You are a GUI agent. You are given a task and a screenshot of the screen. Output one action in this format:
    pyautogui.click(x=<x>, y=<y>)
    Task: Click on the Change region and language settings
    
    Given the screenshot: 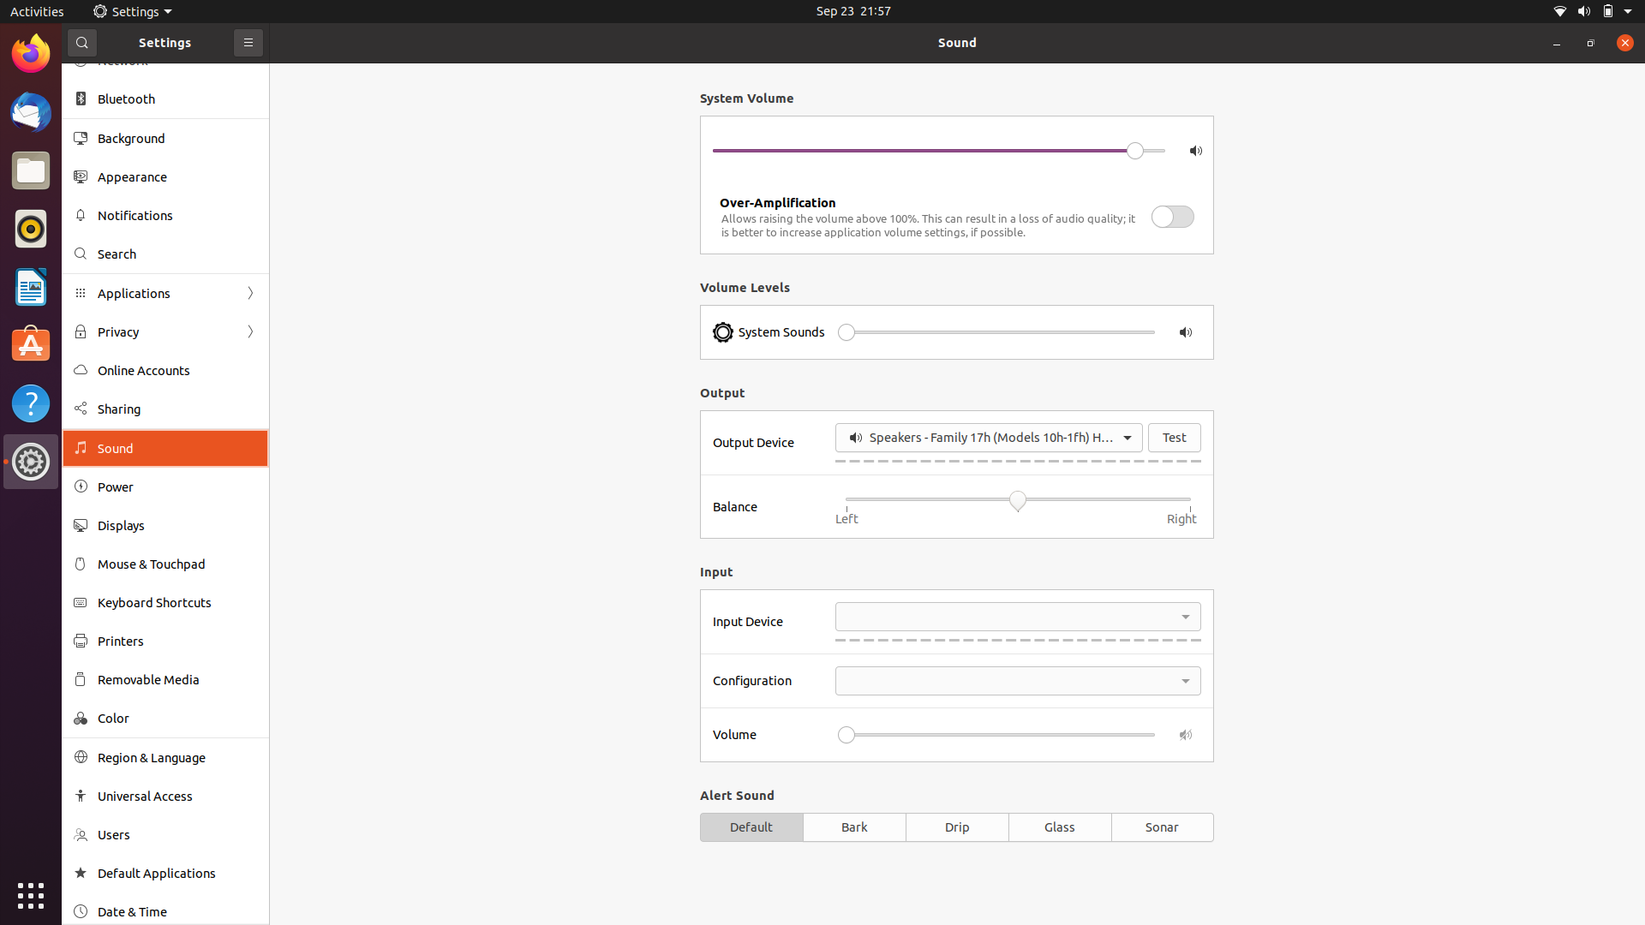 What is the action you would take?
    pyautogui.click(x=164, y=756)
    